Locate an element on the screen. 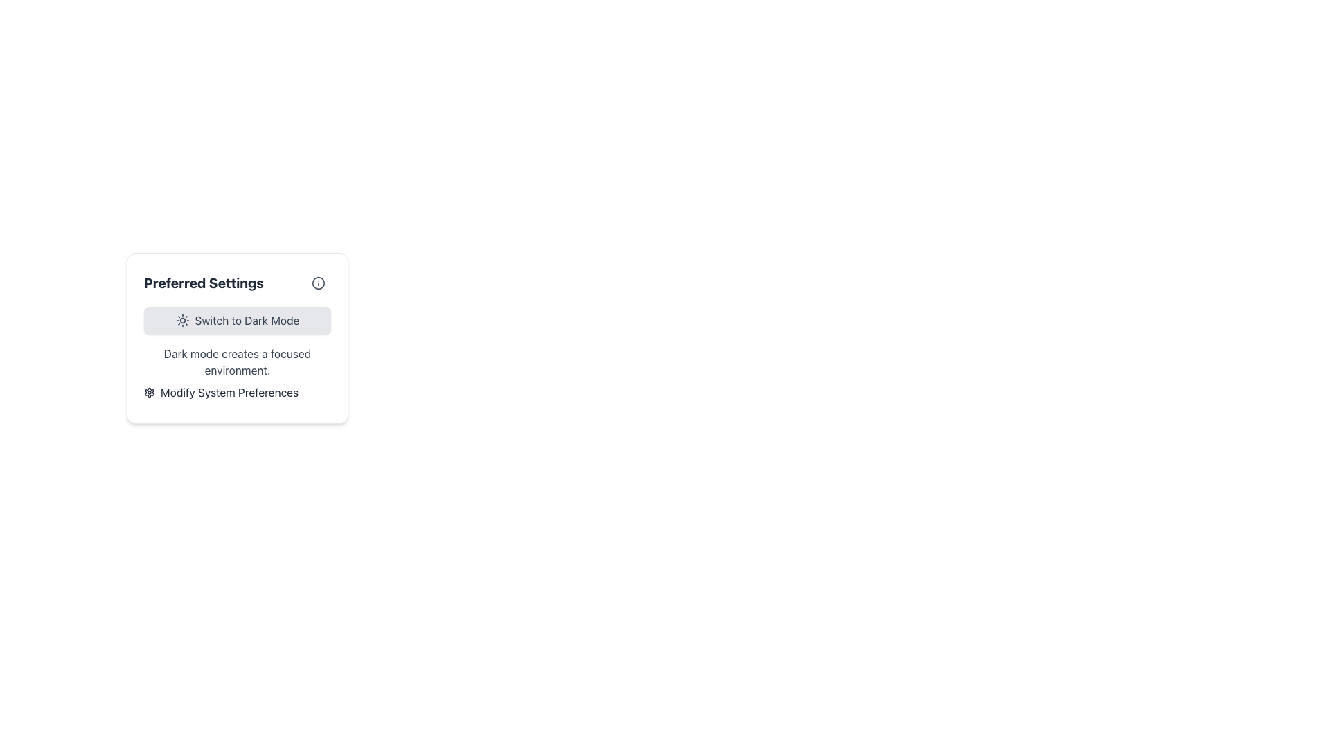  the small, circular gear-shaped icon located to the immediate left of the text label 'Modify System Preferences' in the 'Preferred Settings' card is located at coordinates (150, 393).